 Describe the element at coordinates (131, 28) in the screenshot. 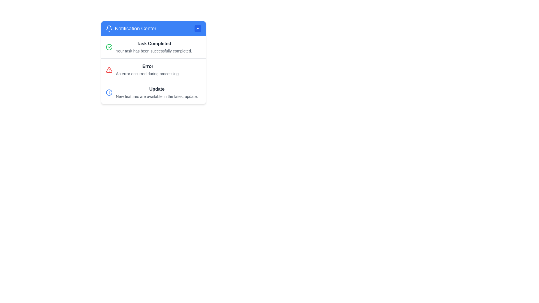

I see `the 'Notification Center' text label with a bell icon located in the top header bar, which has a blue background and white text` at that location.